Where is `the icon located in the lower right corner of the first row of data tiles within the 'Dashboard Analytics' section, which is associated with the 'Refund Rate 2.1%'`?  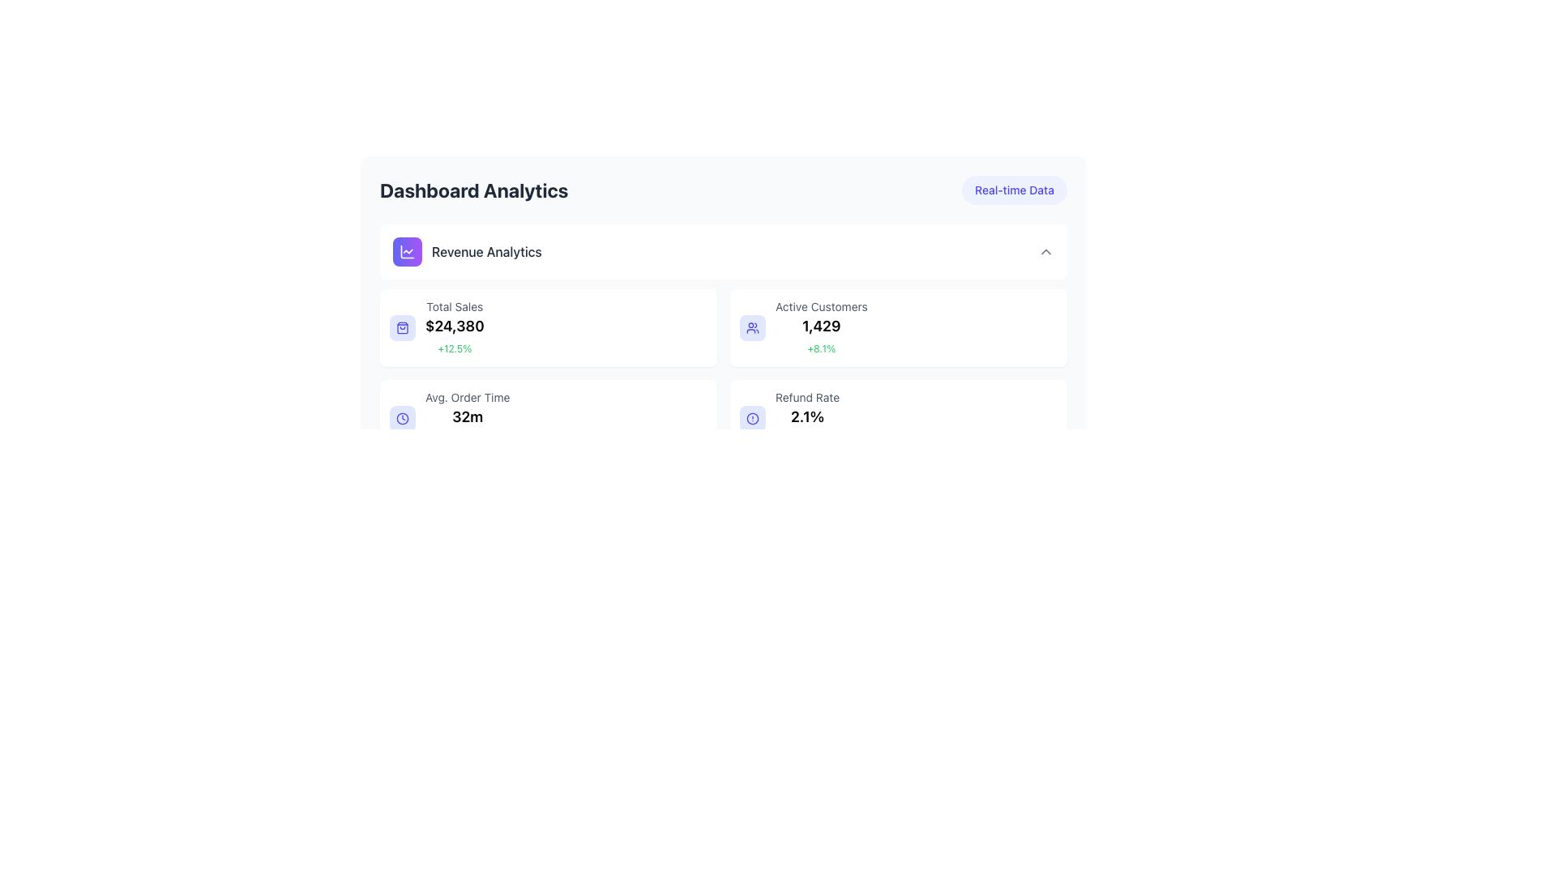 the icon located in the lower right corner of the first row of data tiles within the 'Dashboard Analytics' section, which is associated with the 'Refund Rate 2.1%' is located at coordinates (752, 417).